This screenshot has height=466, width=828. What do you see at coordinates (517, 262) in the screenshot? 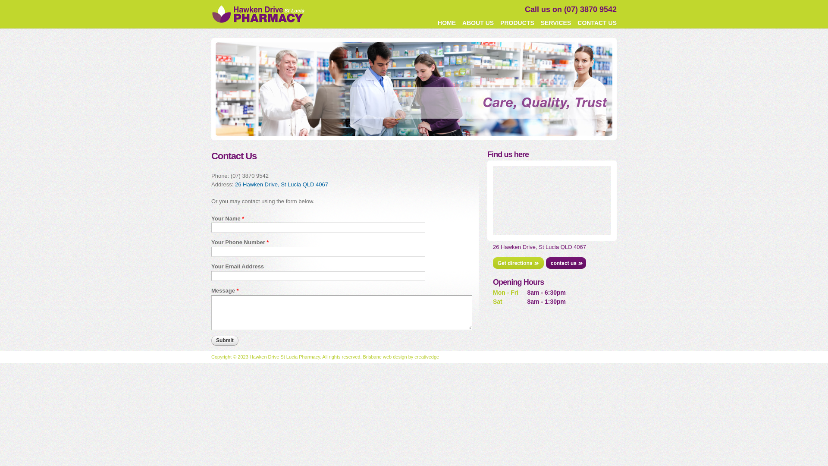
I see `'Get directions'` at bounding box center [517, 262].